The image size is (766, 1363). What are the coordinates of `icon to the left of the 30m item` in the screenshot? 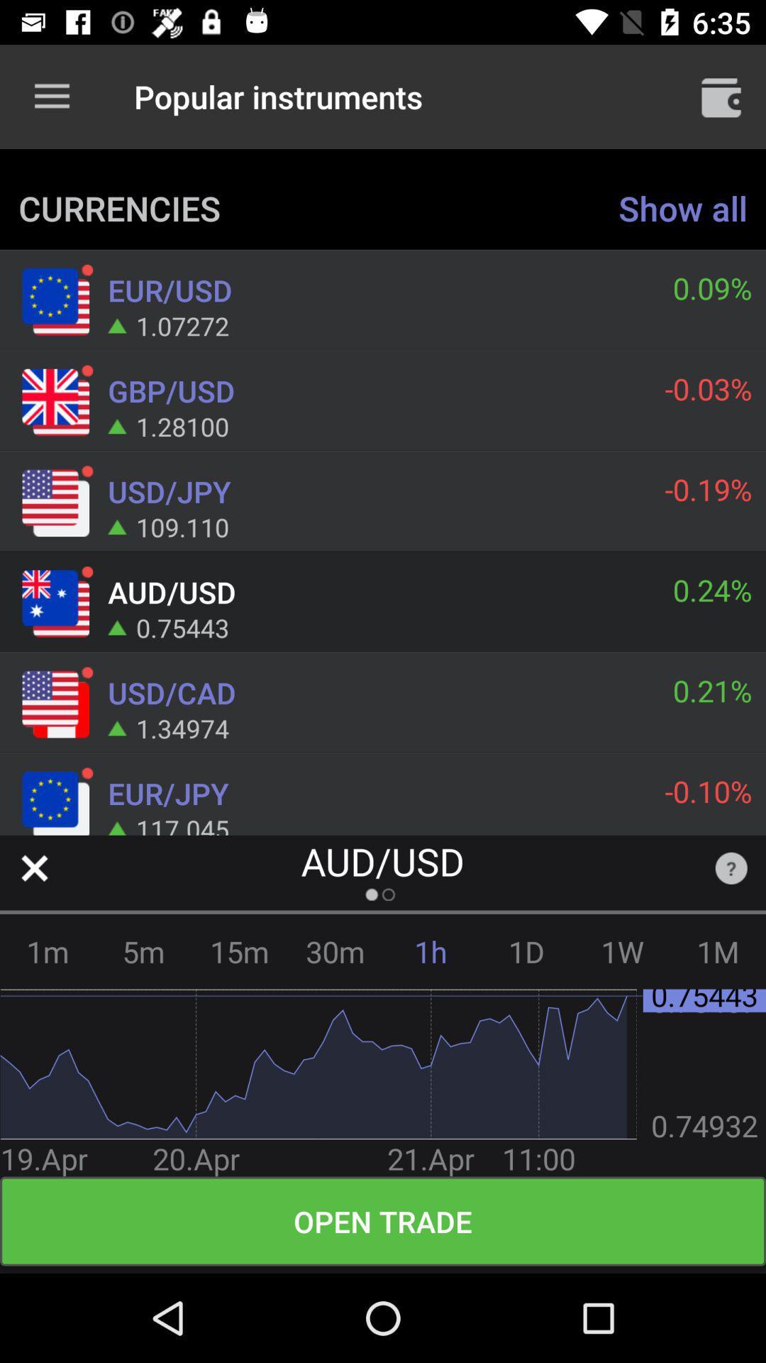 It's located at (238, 951).